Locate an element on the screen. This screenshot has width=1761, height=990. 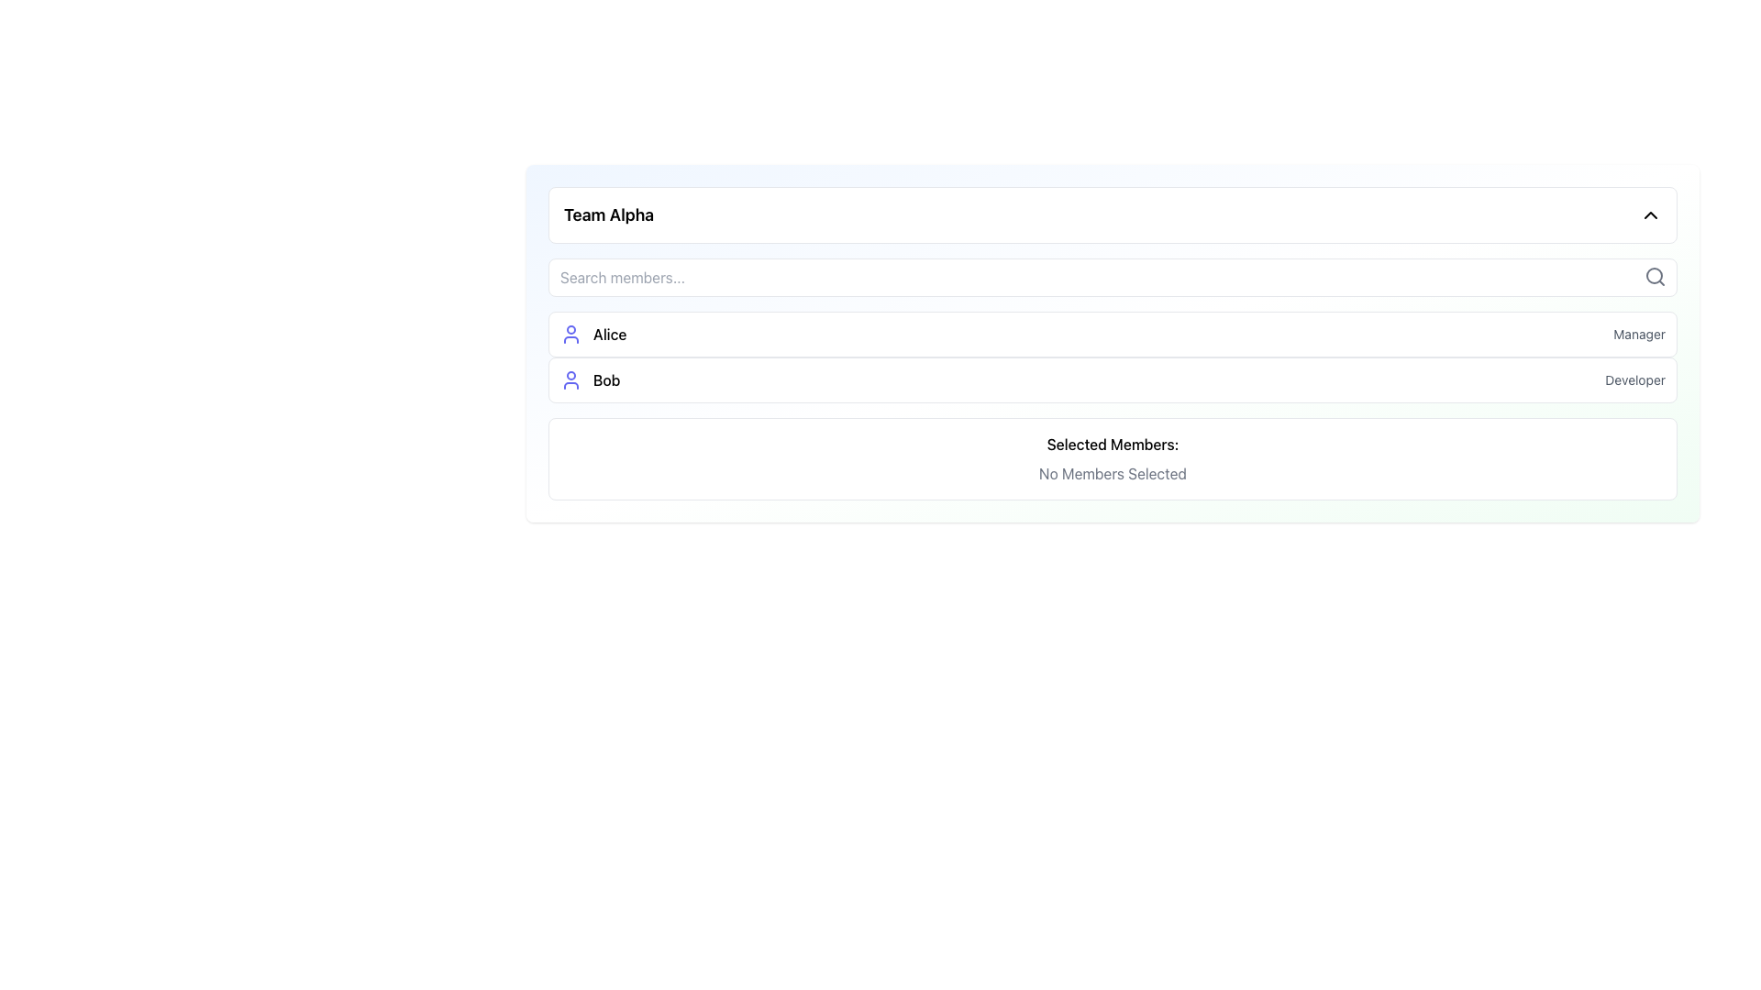
the text label displaying 'Bob' located to the right of the user profile icon to get more details about the user is located at coordinates (590, 379).